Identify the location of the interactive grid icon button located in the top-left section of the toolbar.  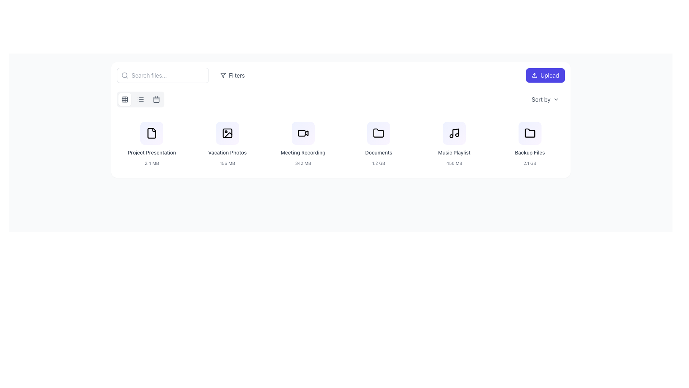
(125, 100).